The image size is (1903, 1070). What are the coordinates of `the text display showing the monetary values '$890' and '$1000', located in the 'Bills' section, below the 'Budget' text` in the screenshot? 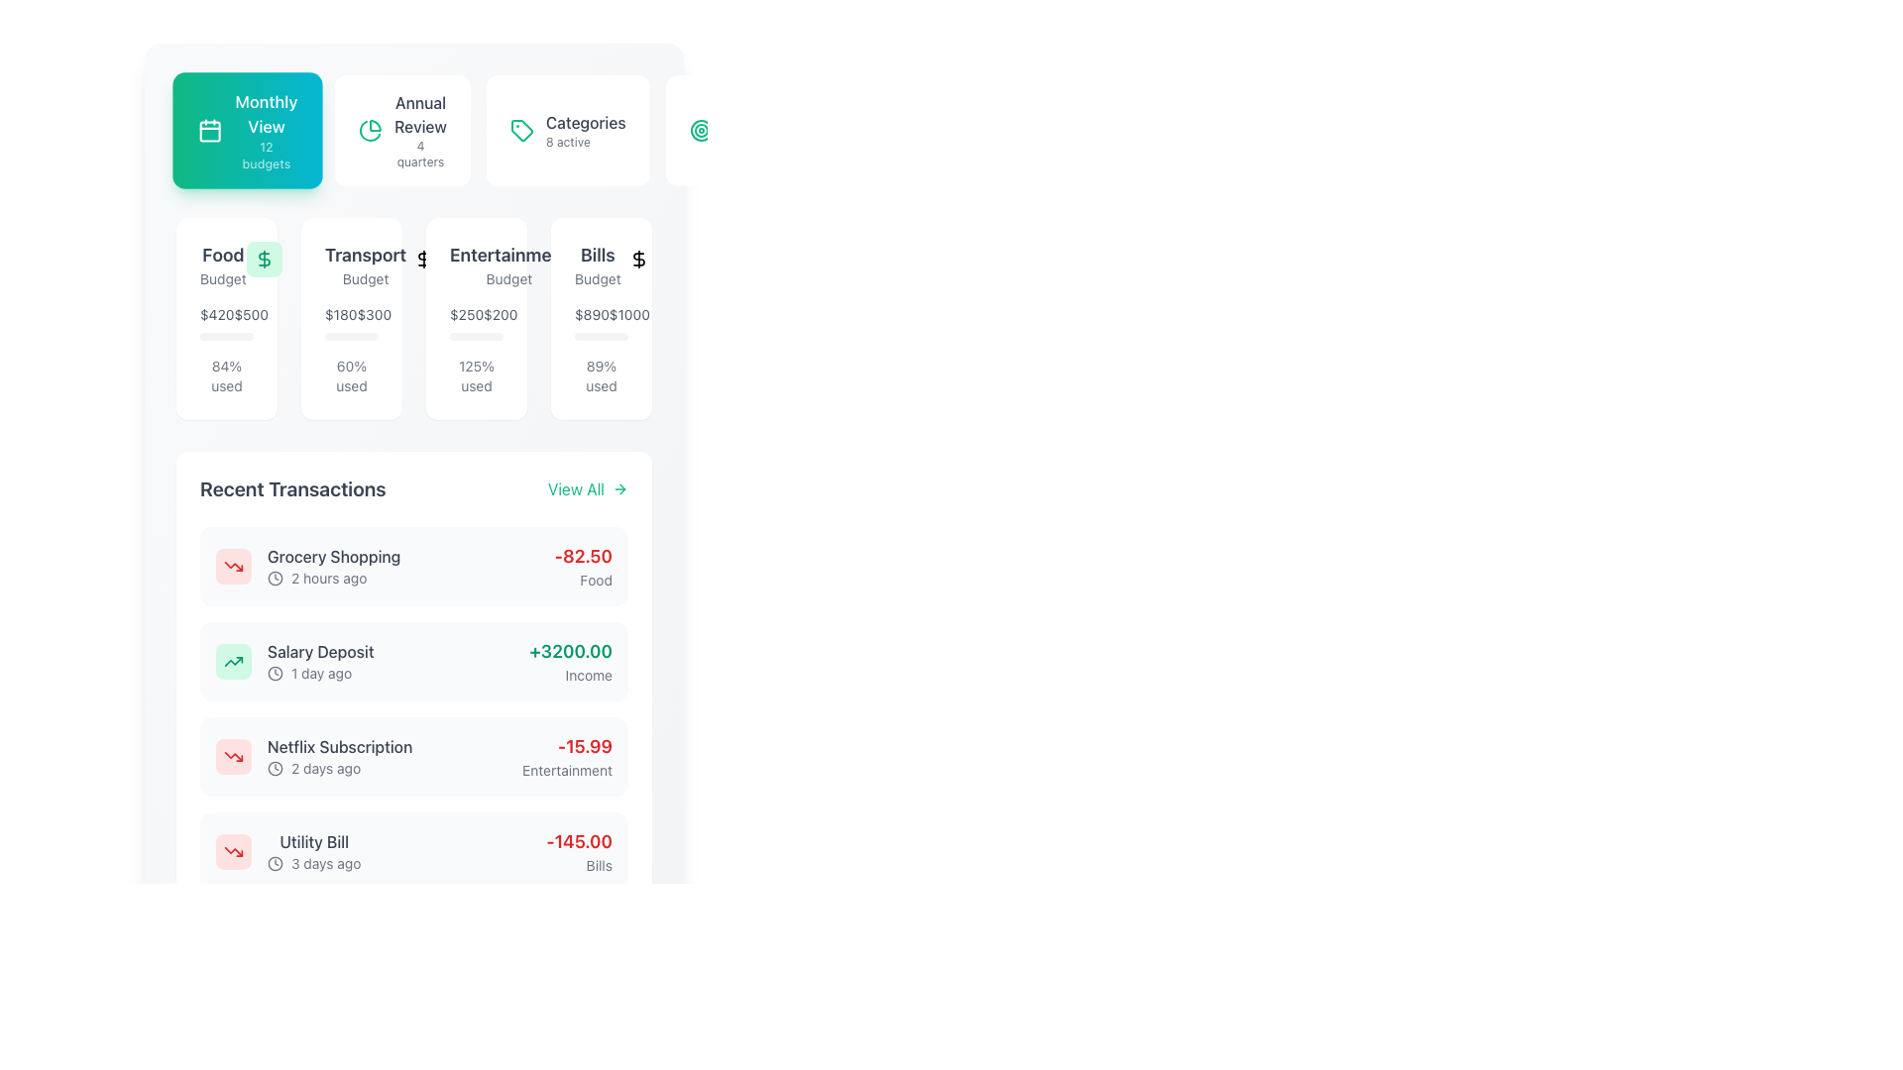 It's located at (600, 322).